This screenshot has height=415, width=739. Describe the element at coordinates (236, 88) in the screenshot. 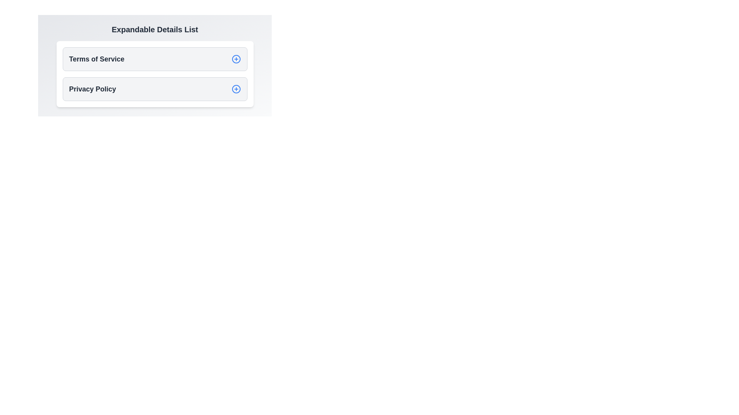

I see `the circular SVG element at the center of the blue plus circle icon located to the right of the 'Privacy Policy' label` at that location.